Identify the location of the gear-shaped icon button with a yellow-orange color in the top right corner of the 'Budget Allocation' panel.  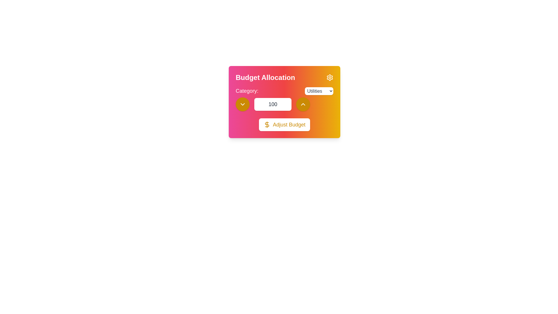
(330, 77).